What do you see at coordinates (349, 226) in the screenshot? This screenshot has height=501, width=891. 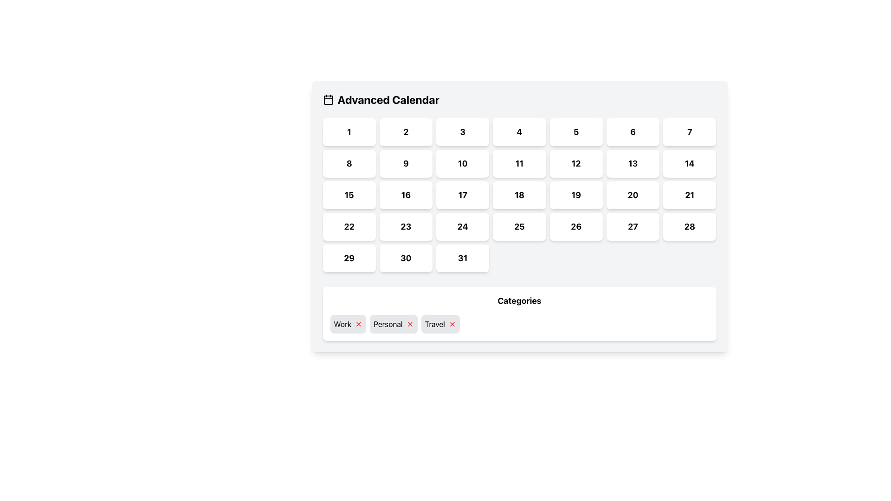 I see `the text label '22' within the white rectangular button` at bounding box center [349, 226].